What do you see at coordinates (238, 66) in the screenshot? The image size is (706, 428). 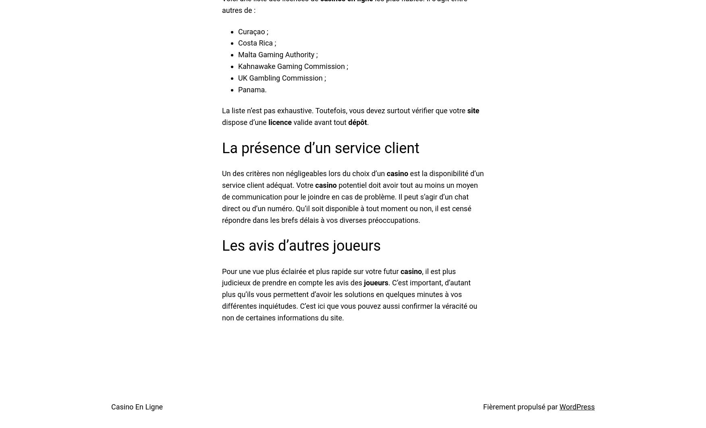 I see `'Kahnawake Gaming Commission ;'` at bounding box center [238, 66].